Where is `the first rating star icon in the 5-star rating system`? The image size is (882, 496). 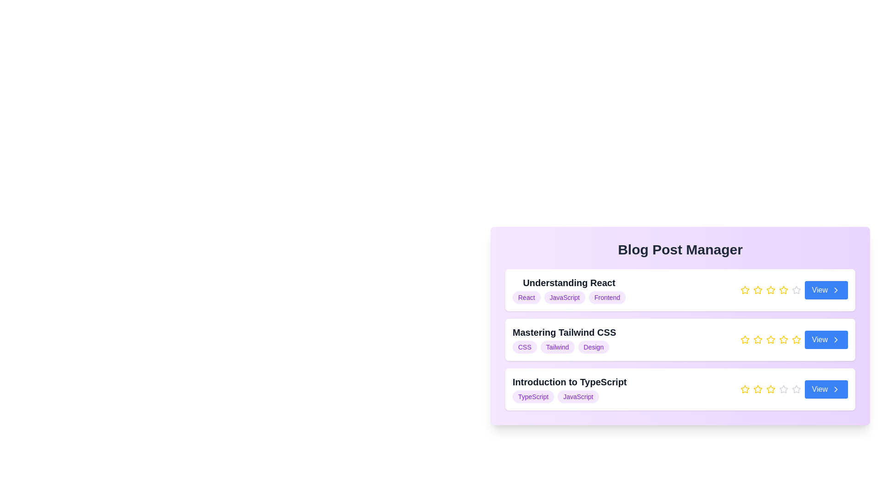 the first rating star icon in the 5-star rating system is located at coordinates (745, 290).